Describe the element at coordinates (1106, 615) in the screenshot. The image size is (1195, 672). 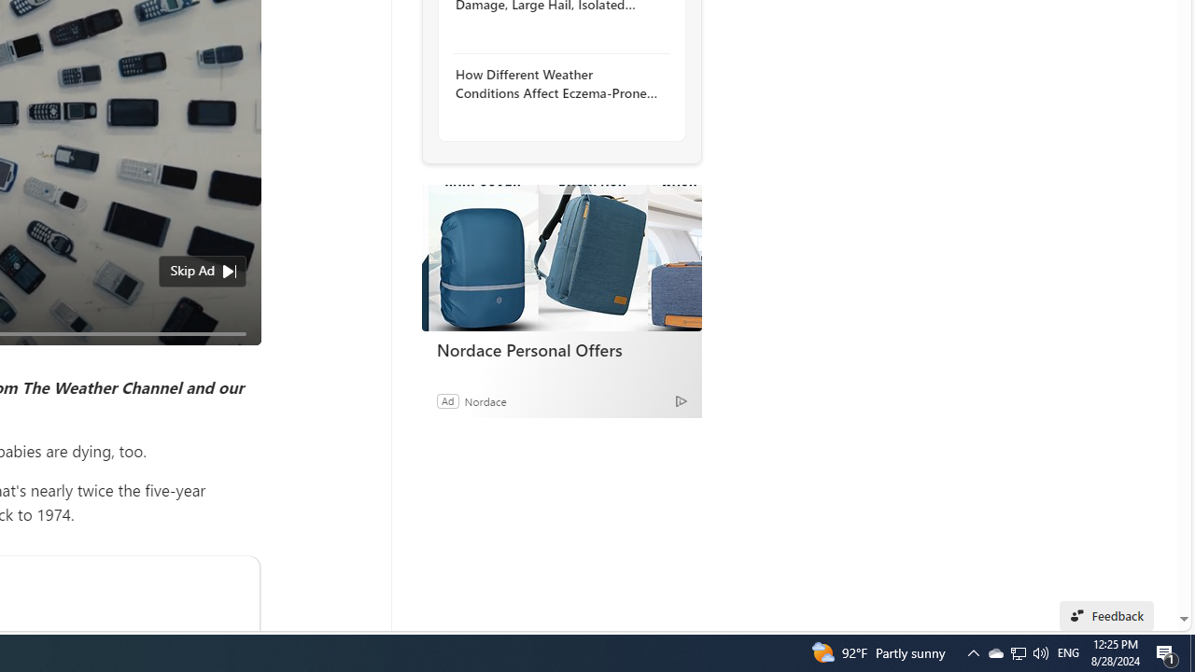
I see `'Feedback'` at that location.